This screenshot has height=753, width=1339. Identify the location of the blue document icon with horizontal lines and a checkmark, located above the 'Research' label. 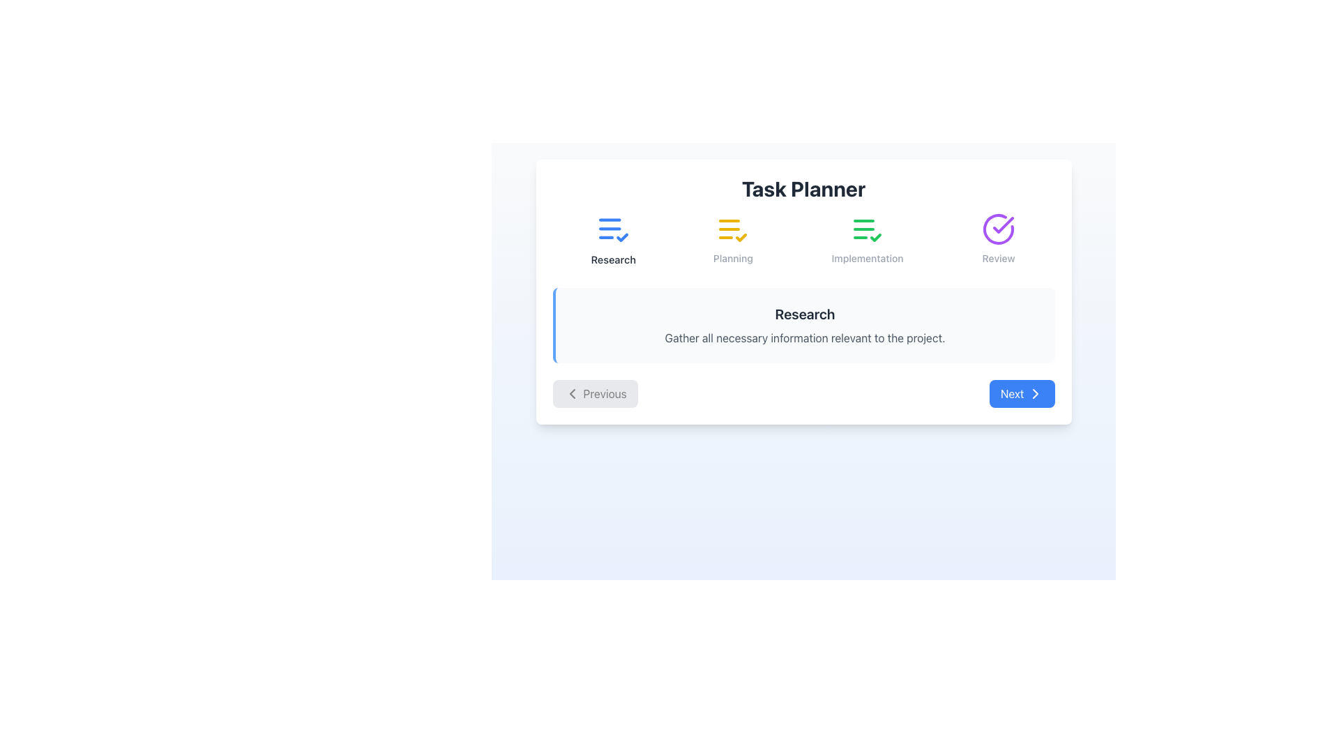
(613, 228).